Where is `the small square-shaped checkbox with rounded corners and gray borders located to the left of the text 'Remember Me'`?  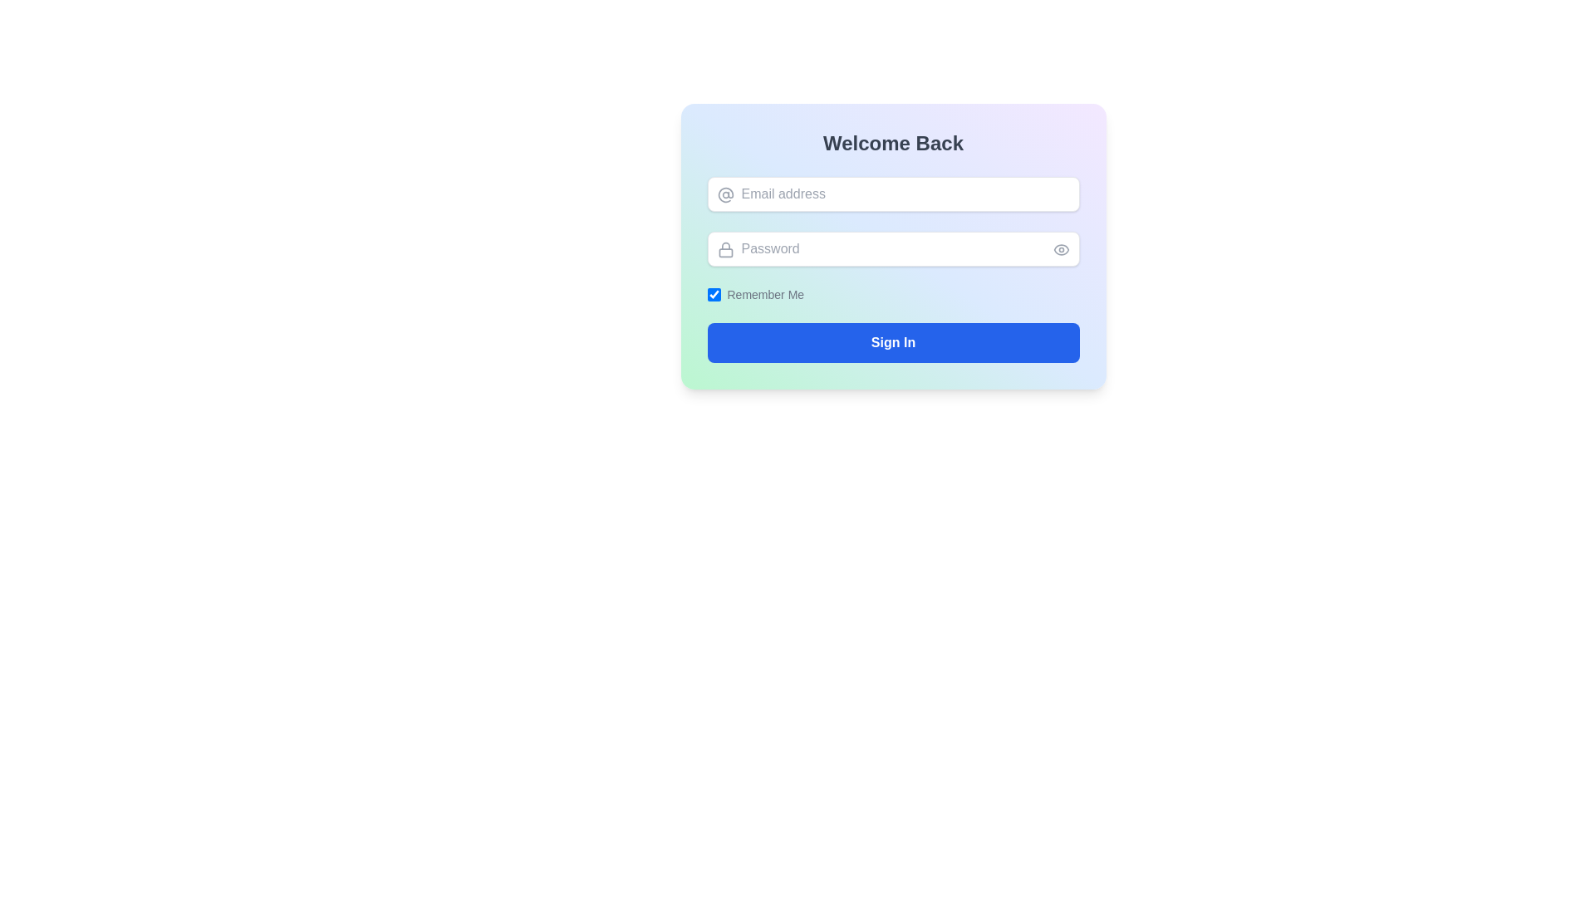 the small square-shaped checkbox with rounded corners and gray borders located to the left of the text 'Remember Me' is located at coordinates (714, 293).